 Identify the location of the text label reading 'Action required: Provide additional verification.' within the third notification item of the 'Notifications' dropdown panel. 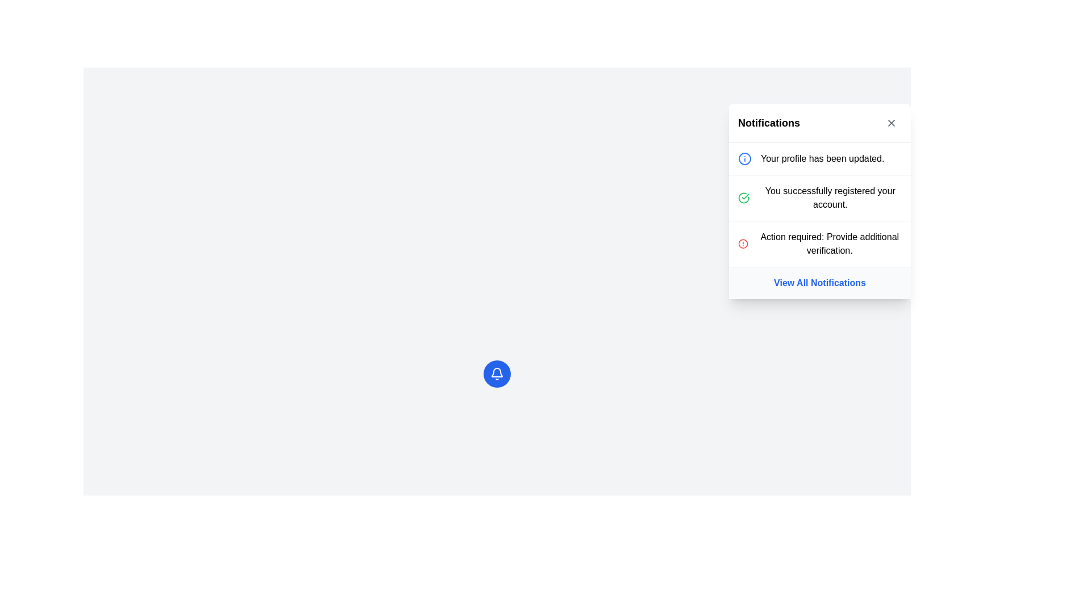
(830, 243).